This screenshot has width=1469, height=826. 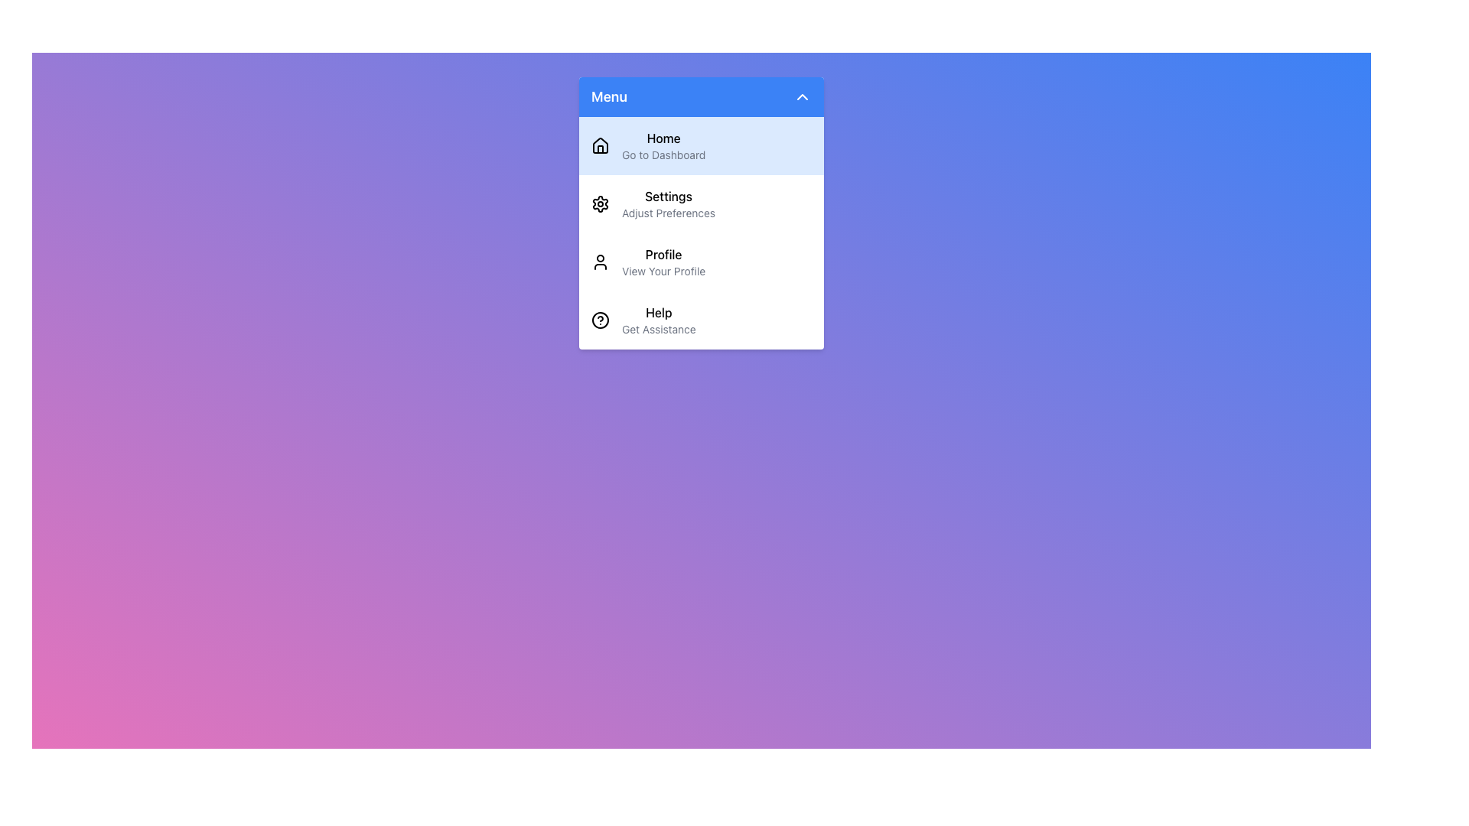 What do you see at coordinates (668, 213) in the screenshot?
I see `the text label that reads 'Adjust Preferences' located within the 'Menu' dropdown under the 'Settings' section` at bounding box center [668, 213].